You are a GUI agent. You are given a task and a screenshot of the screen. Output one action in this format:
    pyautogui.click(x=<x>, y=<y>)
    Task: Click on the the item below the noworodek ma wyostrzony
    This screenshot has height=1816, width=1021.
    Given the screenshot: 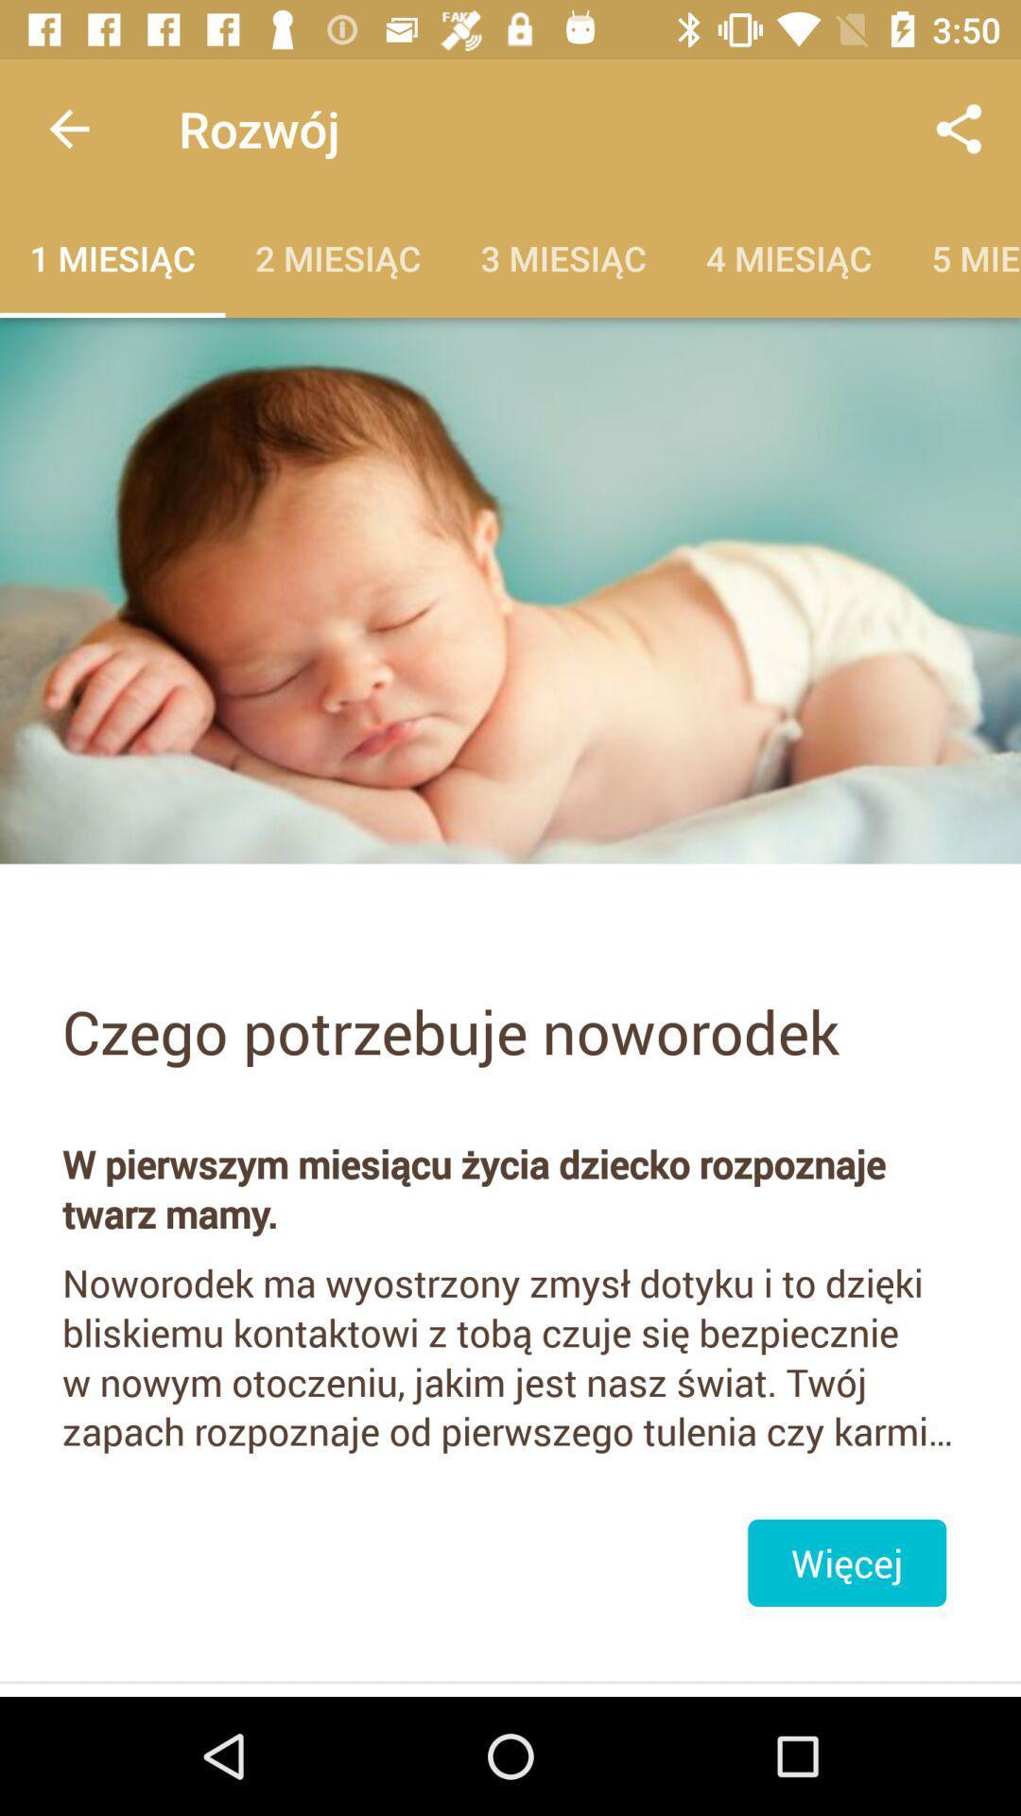 What is the action you would take?
    pyautogui.click(x=846, y=1563)
    